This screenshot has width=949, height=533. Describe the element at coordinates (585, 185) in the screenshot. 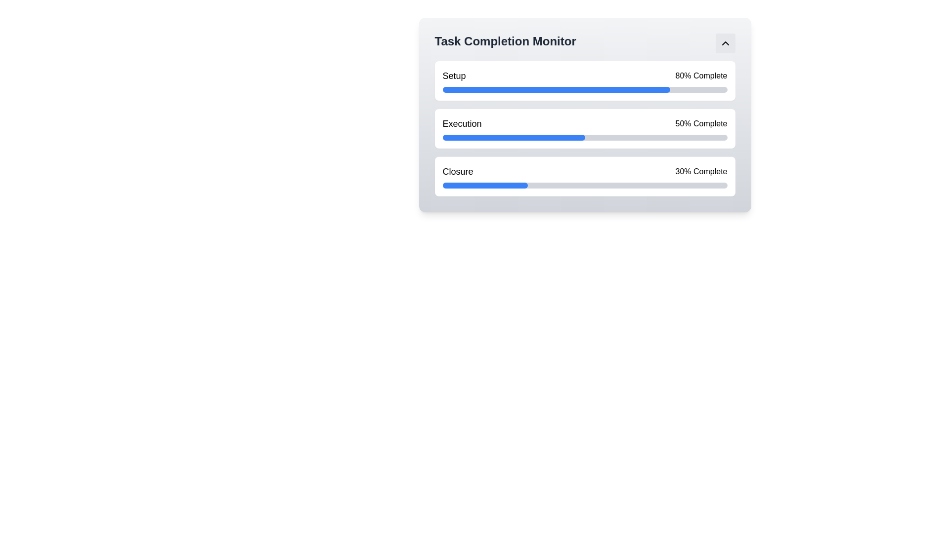

I see `the progress bar located under the 'Closure' section, which has a light gray background and a blue filled portion indicating progress` at that location.